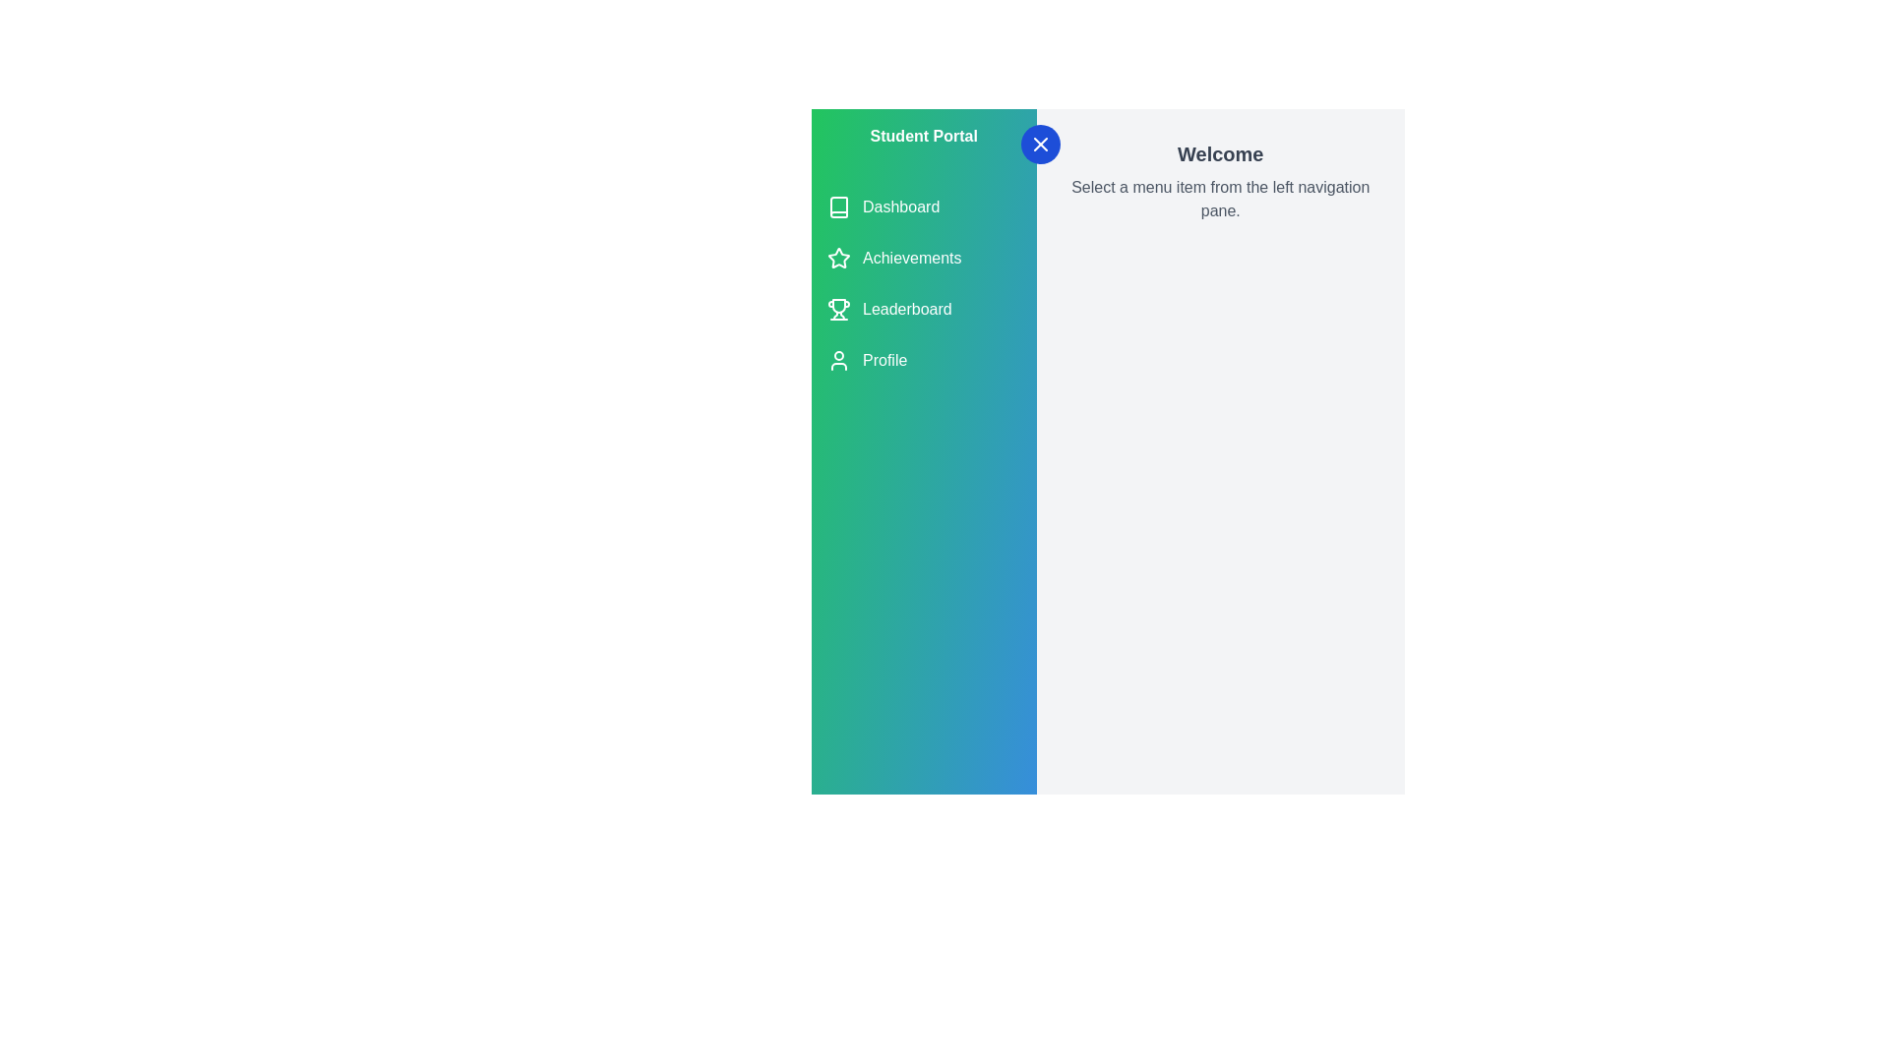 The height and width of the screenshot is (1062, 1889). I want to click on the menu item Leaderboard to observe visual feedback, so click(923, 310).